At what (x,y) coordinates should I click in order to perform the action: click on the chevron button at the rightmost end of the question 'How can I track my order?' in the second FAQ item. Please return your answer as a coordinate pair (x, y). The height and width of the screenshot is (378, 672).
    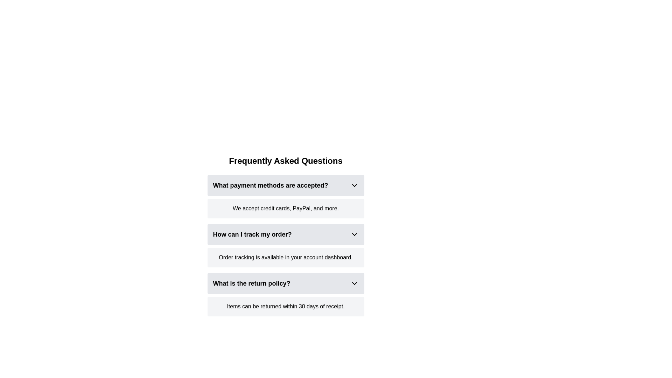
    Looking at the image, I should click on (354, 234).